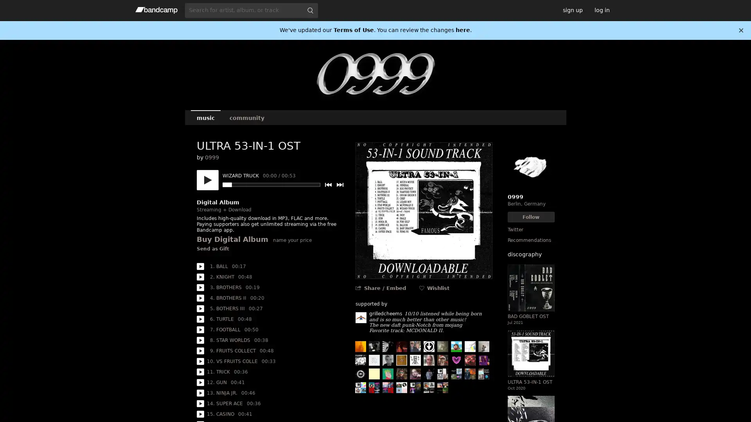  I want to click on Play CASINO, so click(200, 414).